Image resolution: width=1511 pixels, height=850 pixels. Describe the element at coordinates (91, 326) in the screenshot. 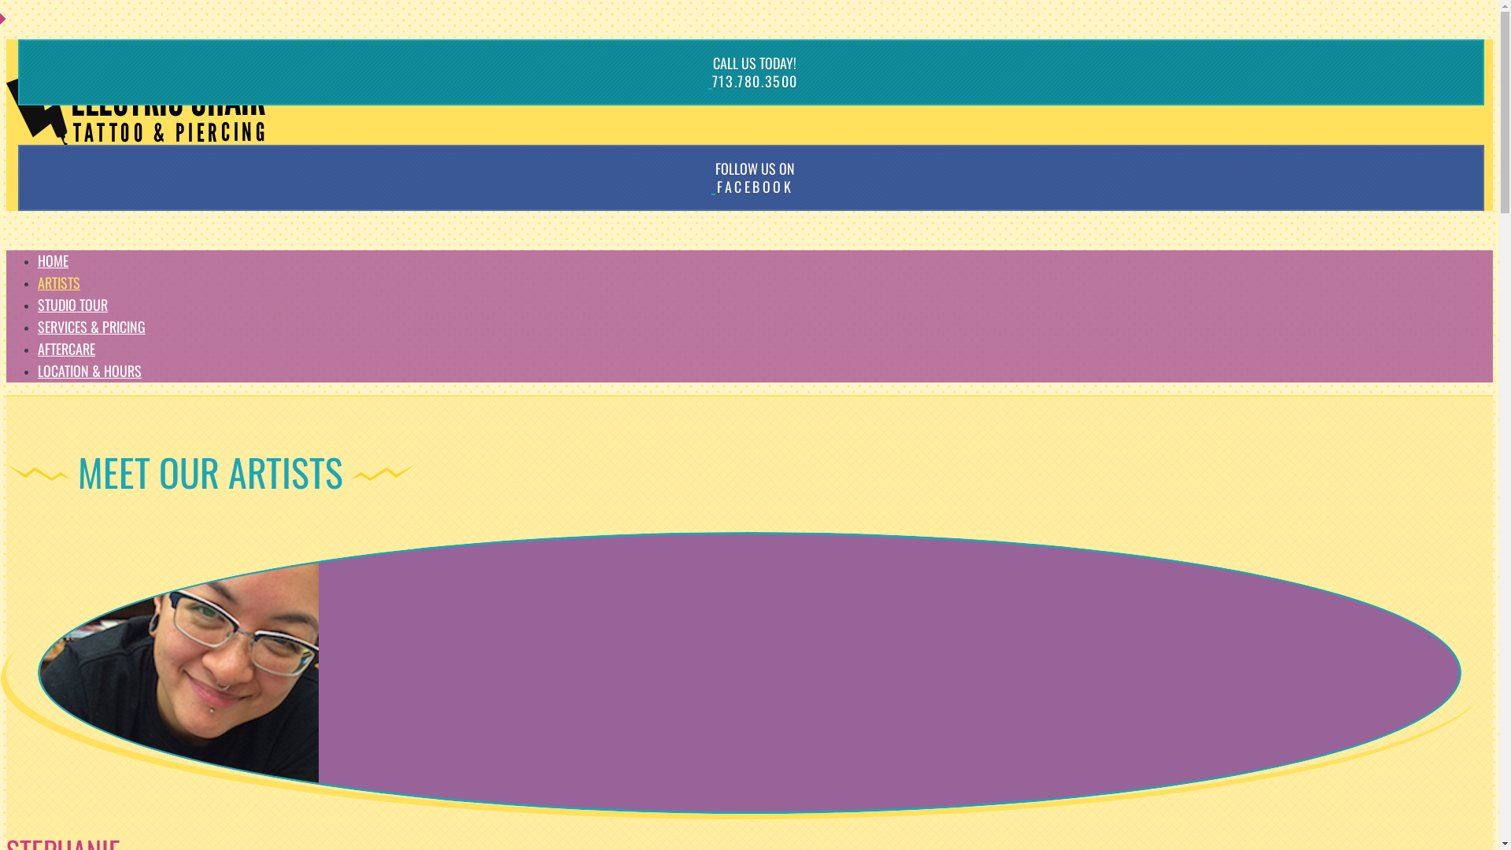

I see `'SERVICES & PRICING'` at that location.